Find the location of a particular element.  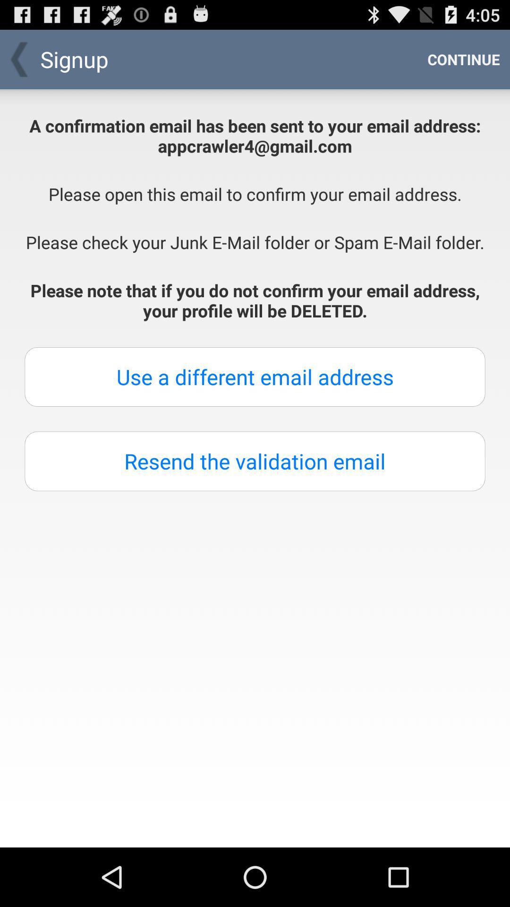

continue item is located at coordinates (463, 59).